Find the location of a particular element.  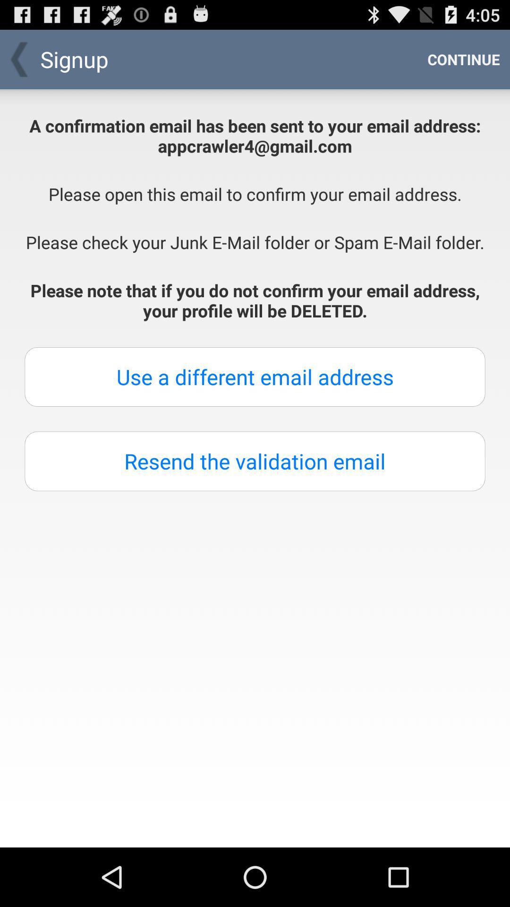

continue item is located at coordinates (463, 59).